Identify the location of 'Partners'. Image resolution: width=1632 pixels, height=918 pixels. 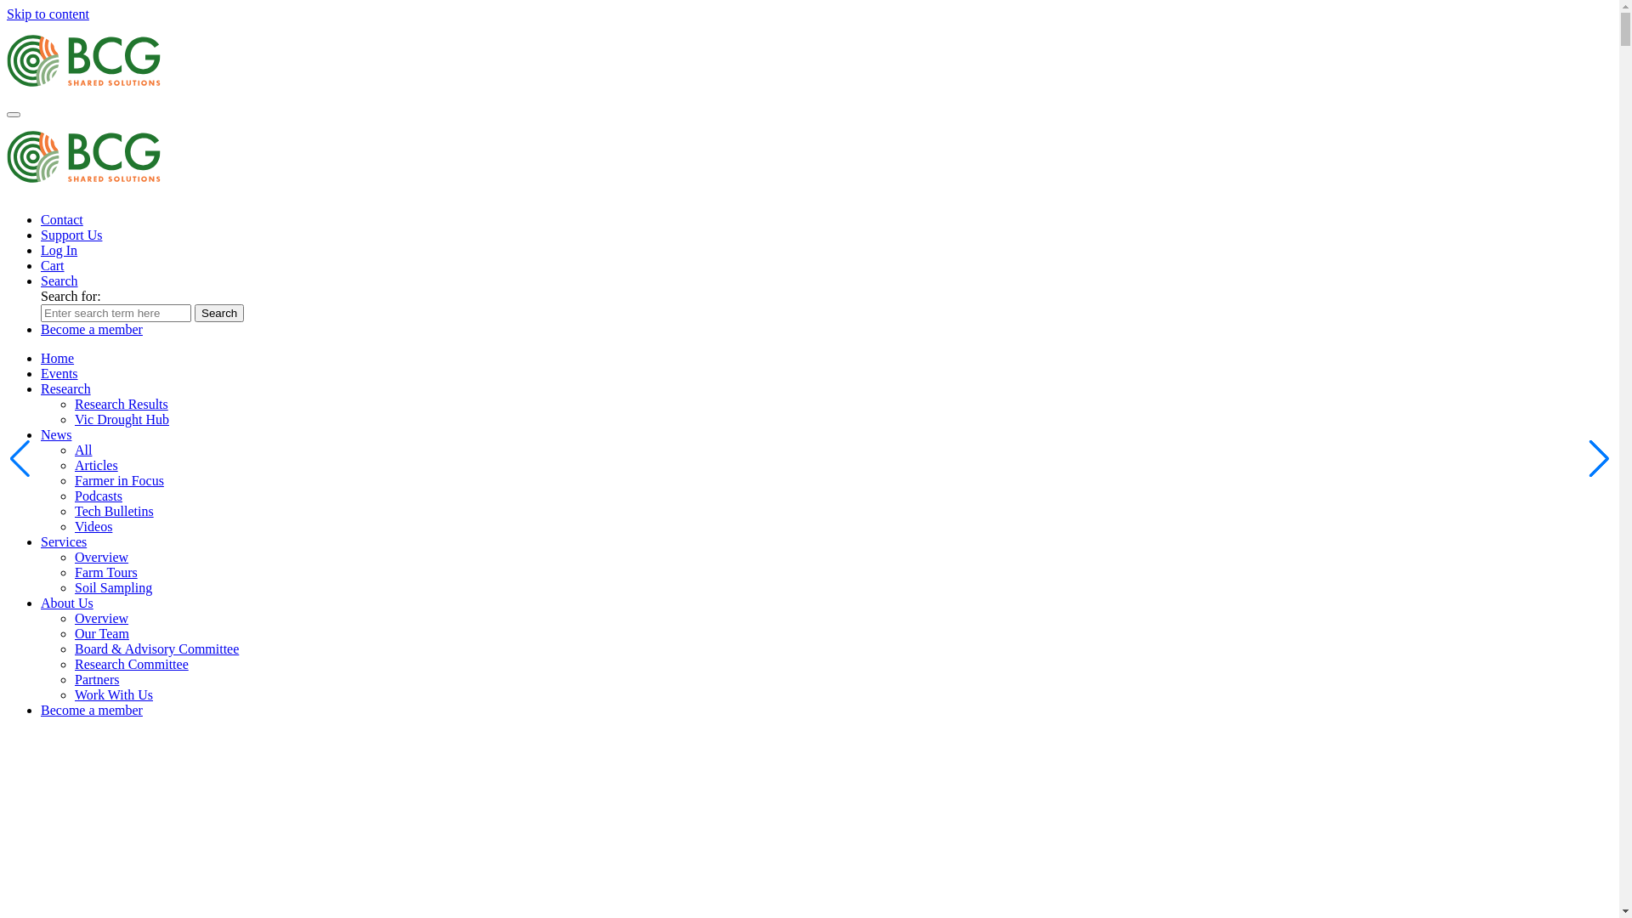
(96, 678).